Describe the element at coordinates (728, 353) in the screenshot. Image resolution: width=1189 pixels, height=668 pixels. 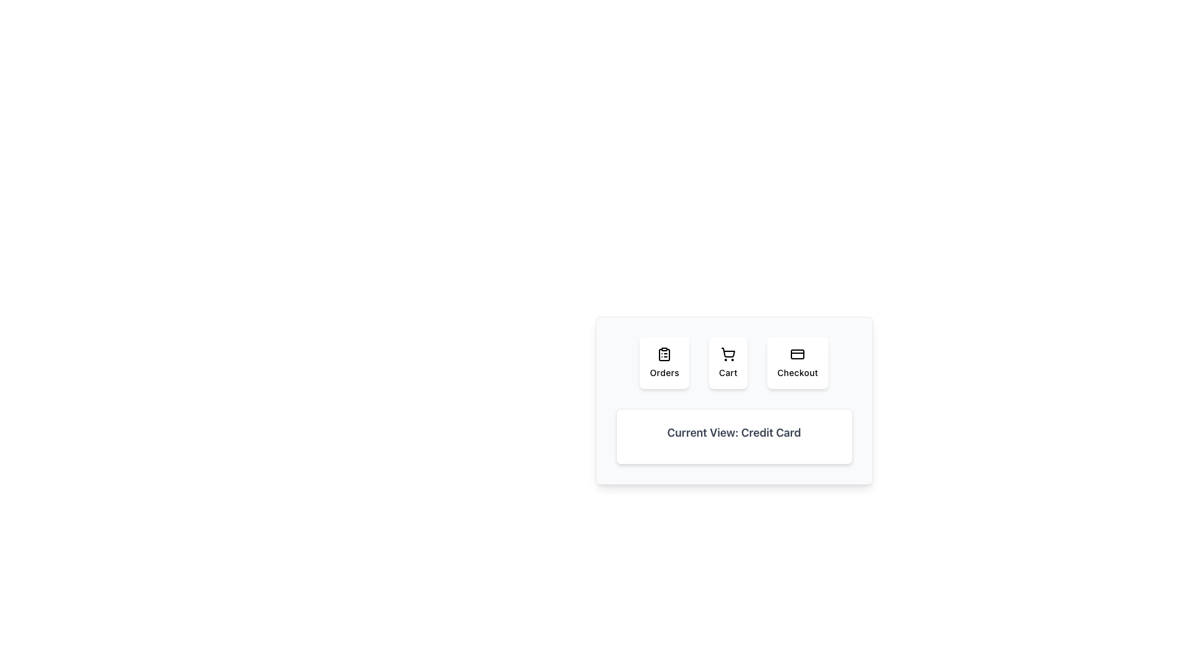
I see `the central portion of the shopping cart icon, which is the main body of the cart, located in the middle of the 'Cart' button styled in red` at that location.